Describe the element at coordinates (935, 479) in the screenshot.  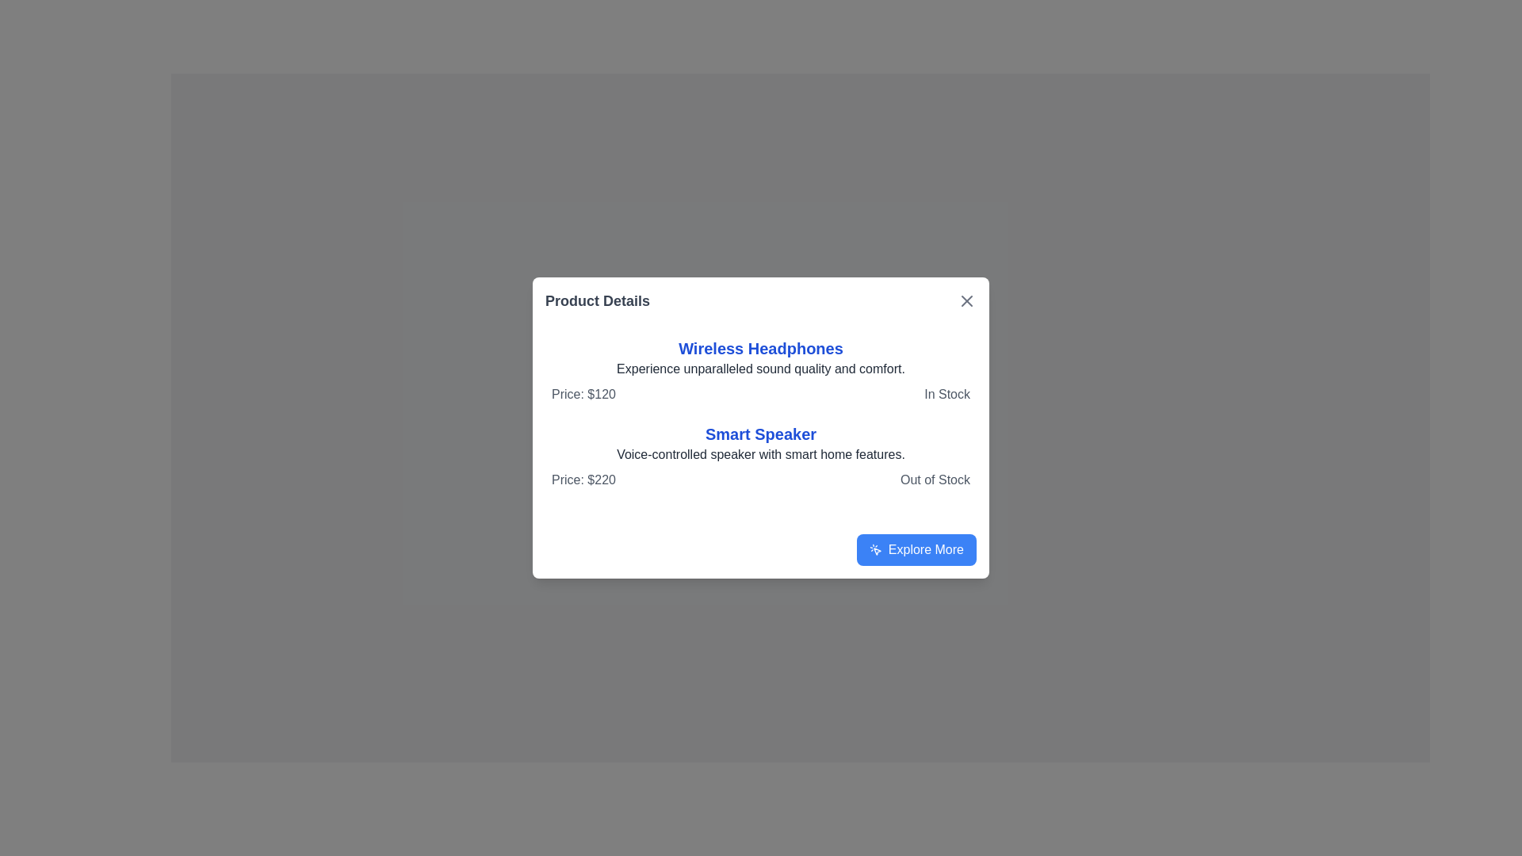
I see `the 'Out of Stock' text label located at the bottom right of the product description modal for the Smart Speaker` at that location.